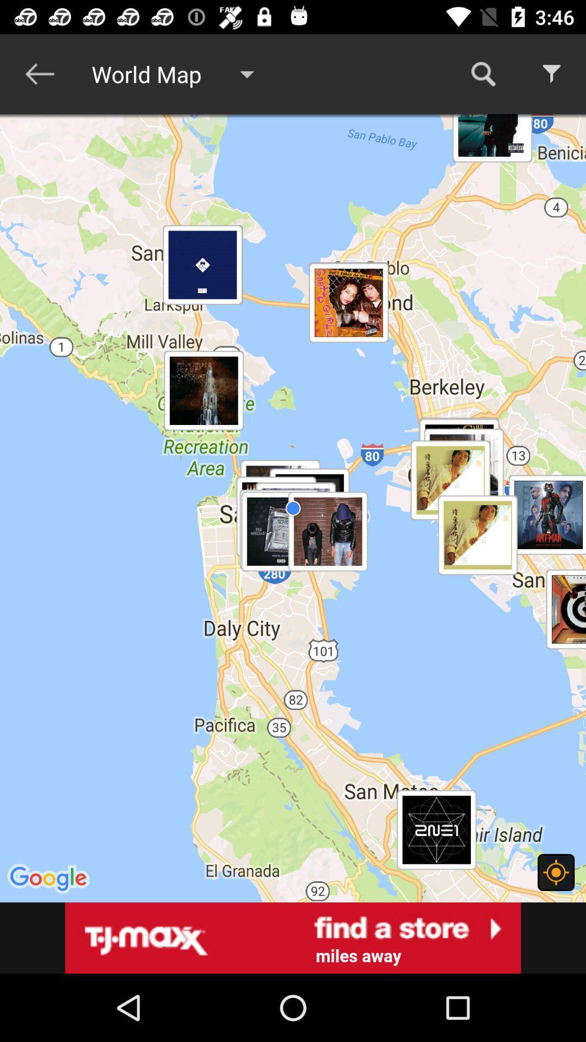 The width and height of the screenshot is (586, 1042). What do you see at coordinates (293, 937) in the screenshot?
I see `tj maxx website` at bounding box center [293, 937].